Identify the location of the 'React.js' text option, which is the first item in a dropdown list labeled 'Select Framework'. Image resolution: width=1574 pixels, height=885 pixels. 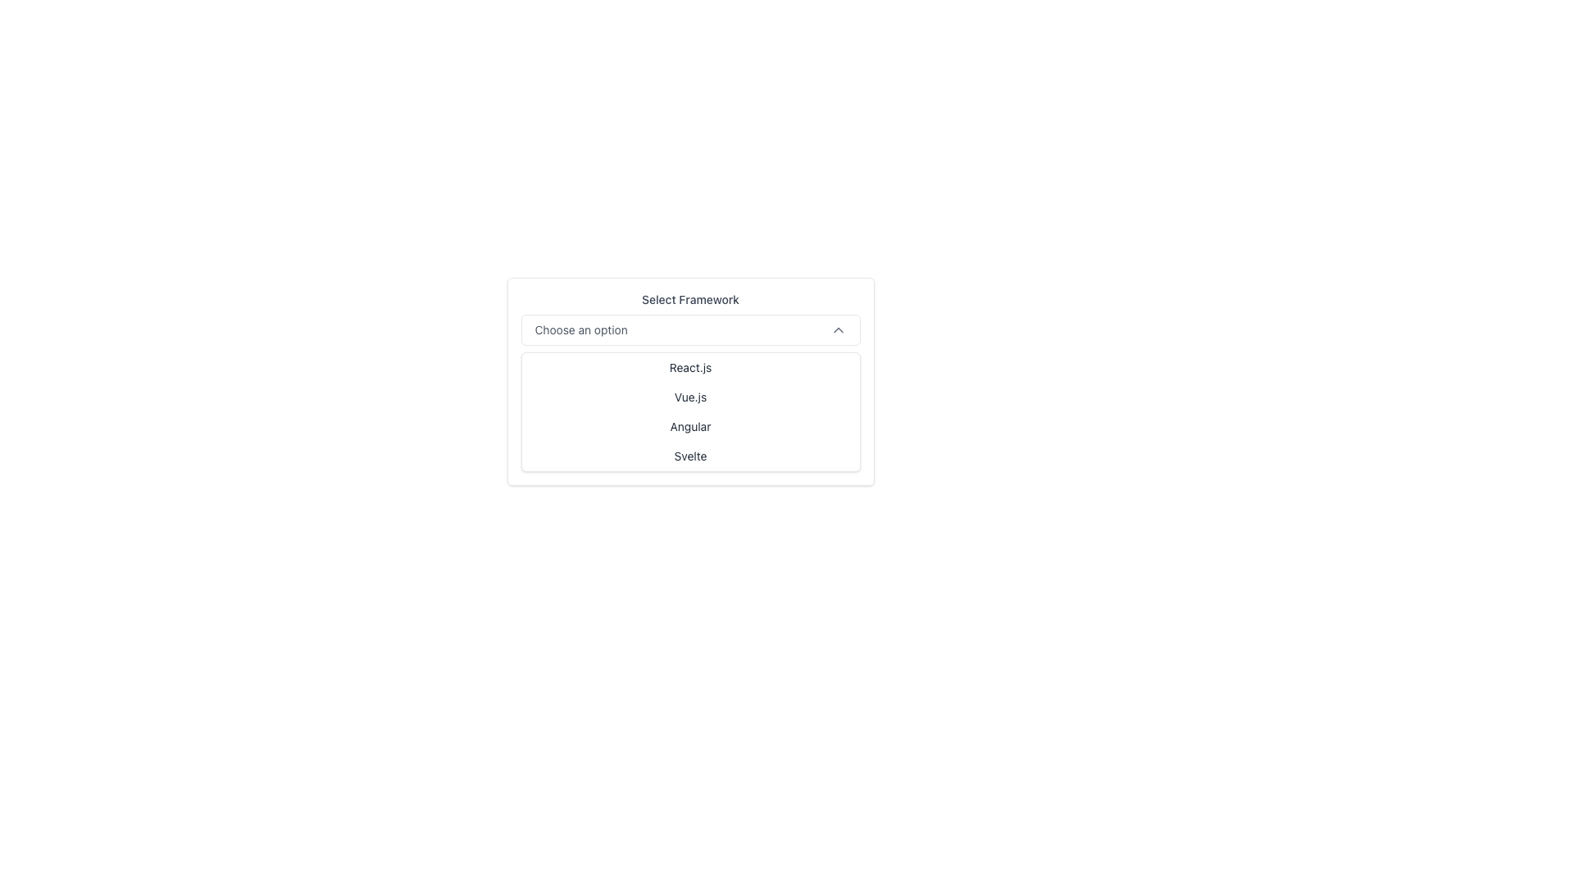
(690, 366).